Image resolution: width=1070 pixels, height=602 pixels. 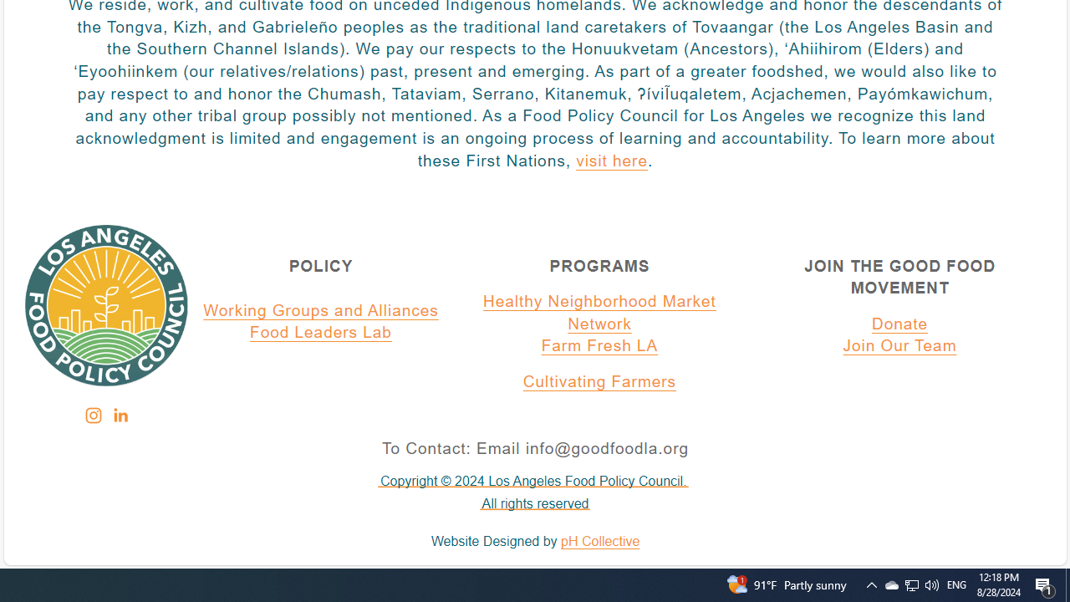 I want to click on 'Join Our Team', so click(x=899, y=346).